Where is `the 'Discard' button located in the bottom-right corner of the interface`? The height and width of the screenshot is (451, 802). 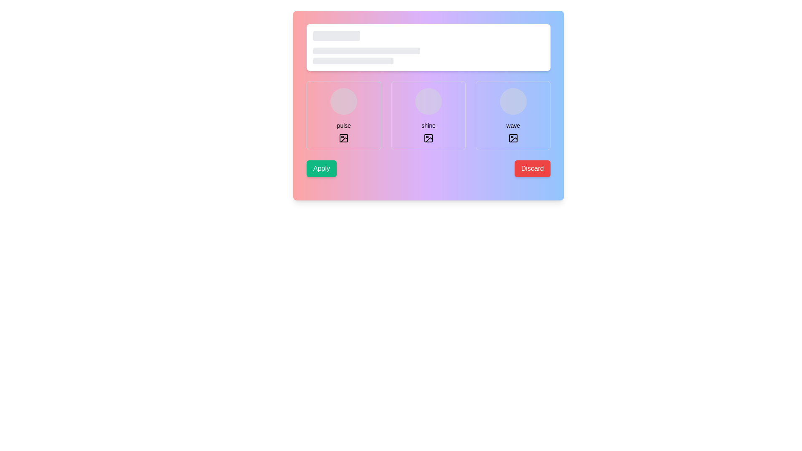 the 'Discard' button located in the bottom-right corner of the interface is located at coordinates (532, 169).